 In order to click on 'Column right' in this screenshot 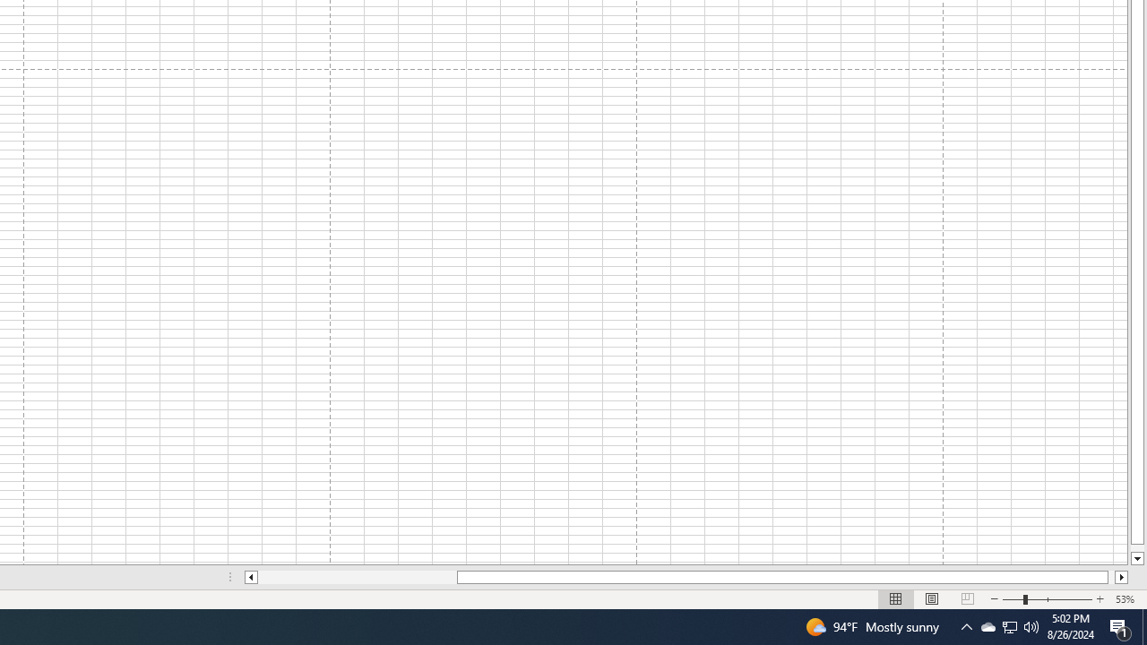, I will do `click(1121, 577)`.